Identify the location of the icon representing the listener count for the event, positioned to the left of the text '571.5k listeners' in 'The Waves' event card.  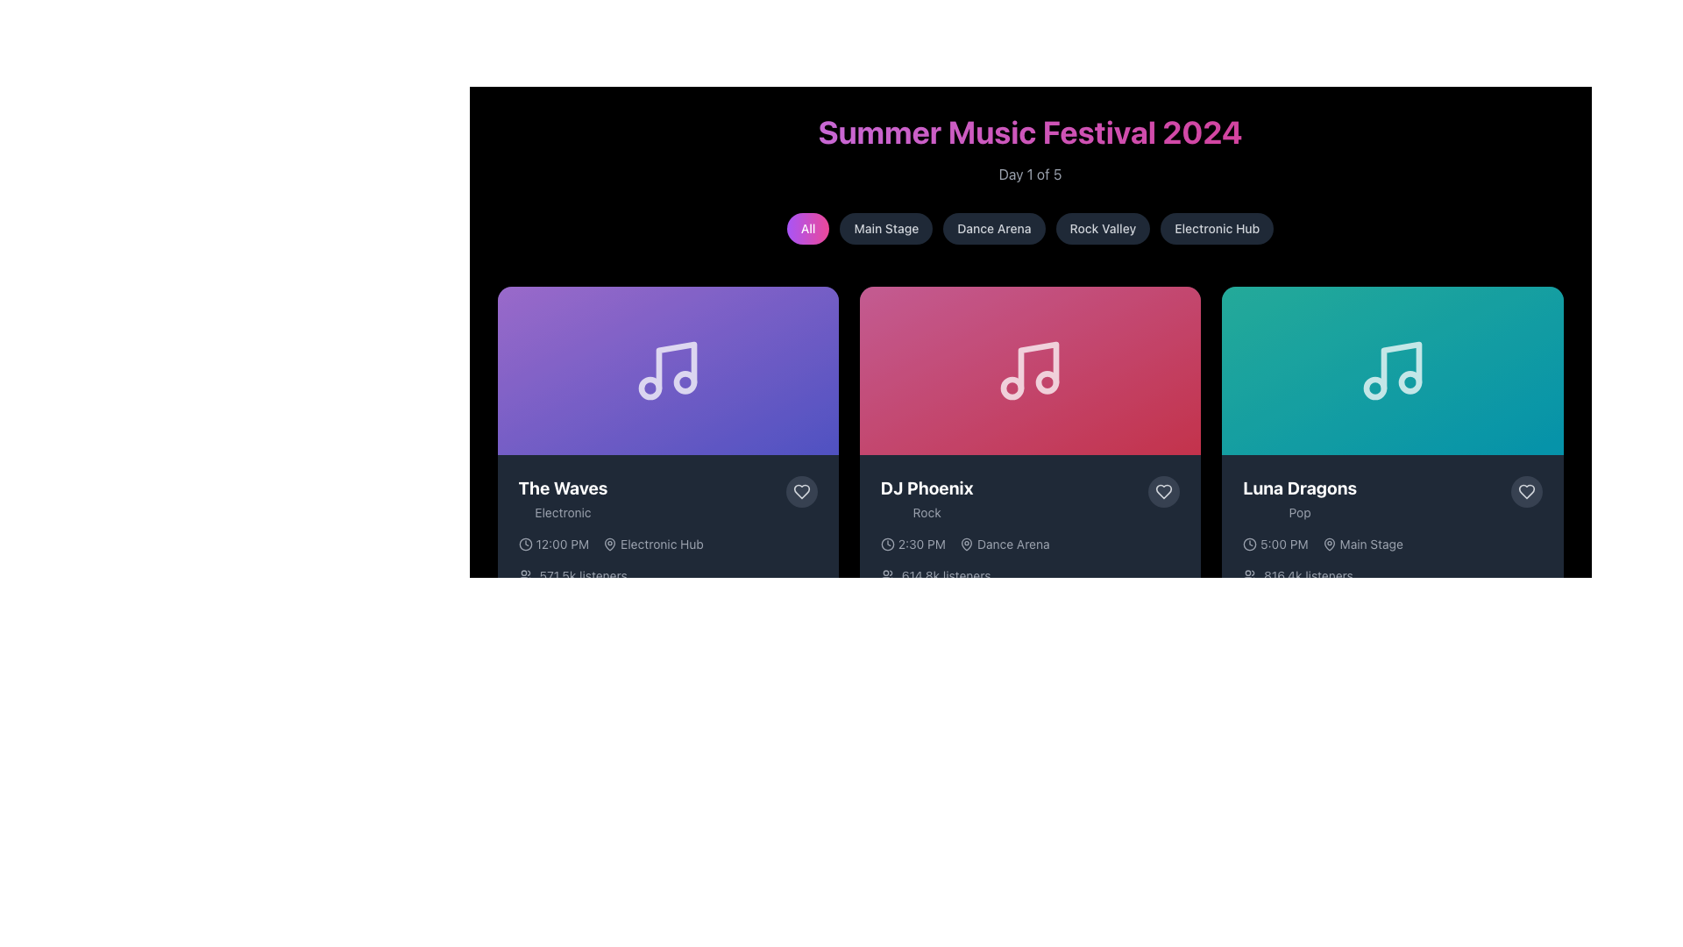
(524, 575).